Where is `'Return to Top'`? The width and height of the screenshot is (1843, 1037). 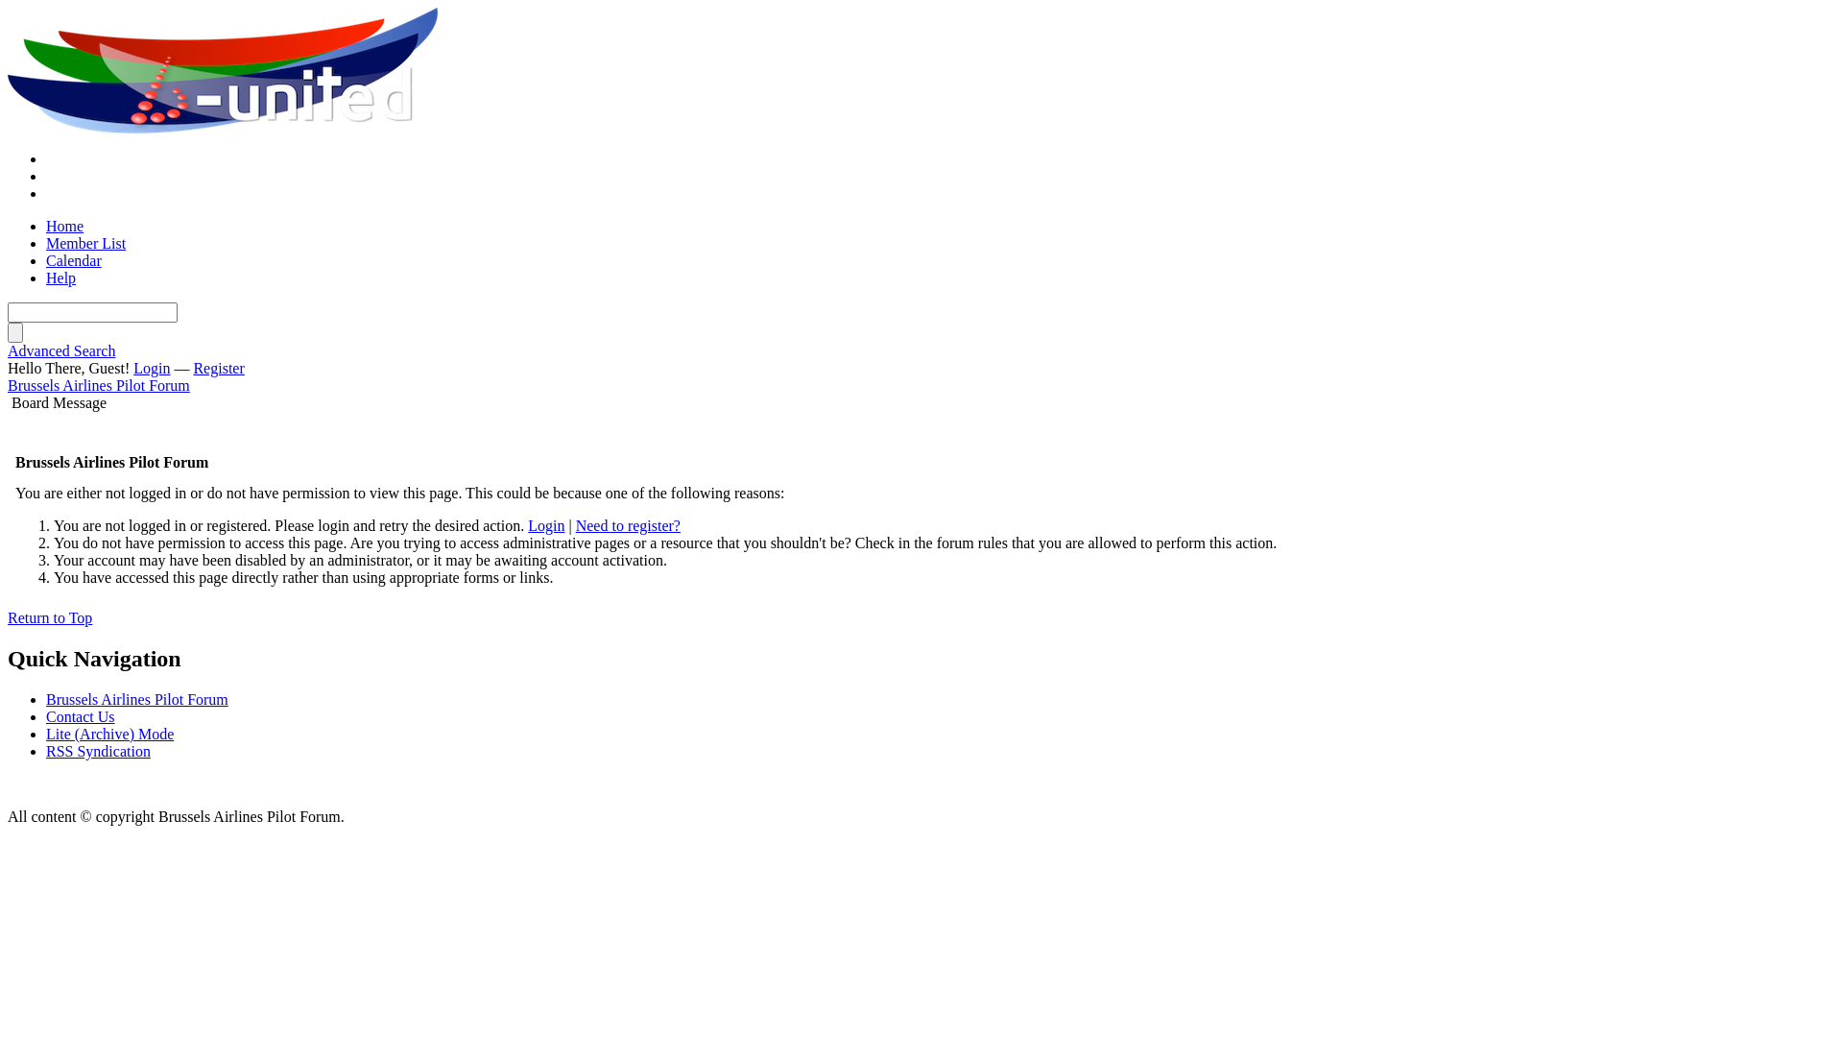 'Return to Top' is located at coordinates (8, 617).